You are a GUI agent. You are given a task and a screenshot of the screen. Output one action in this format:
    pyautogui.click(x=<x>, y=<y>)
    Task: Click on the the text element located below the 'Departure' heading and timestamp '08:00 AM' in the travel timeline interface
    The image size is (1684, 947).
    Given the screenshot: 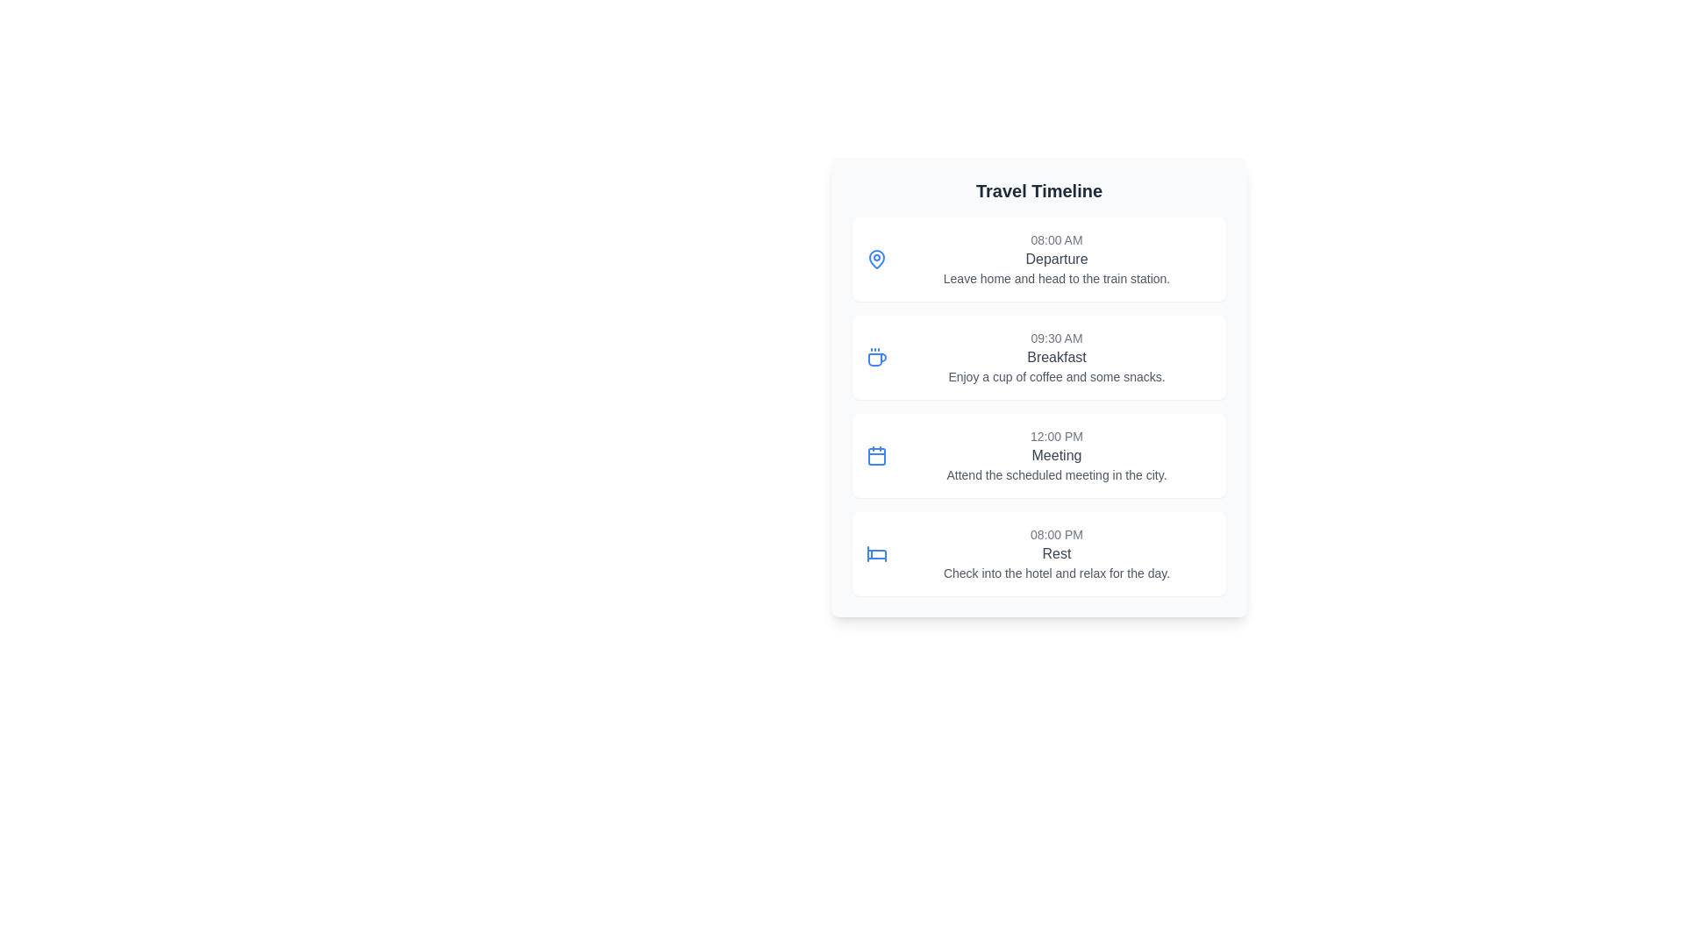 What is the action you would take?
    pyautogui.click(x=1055, y=277)
    